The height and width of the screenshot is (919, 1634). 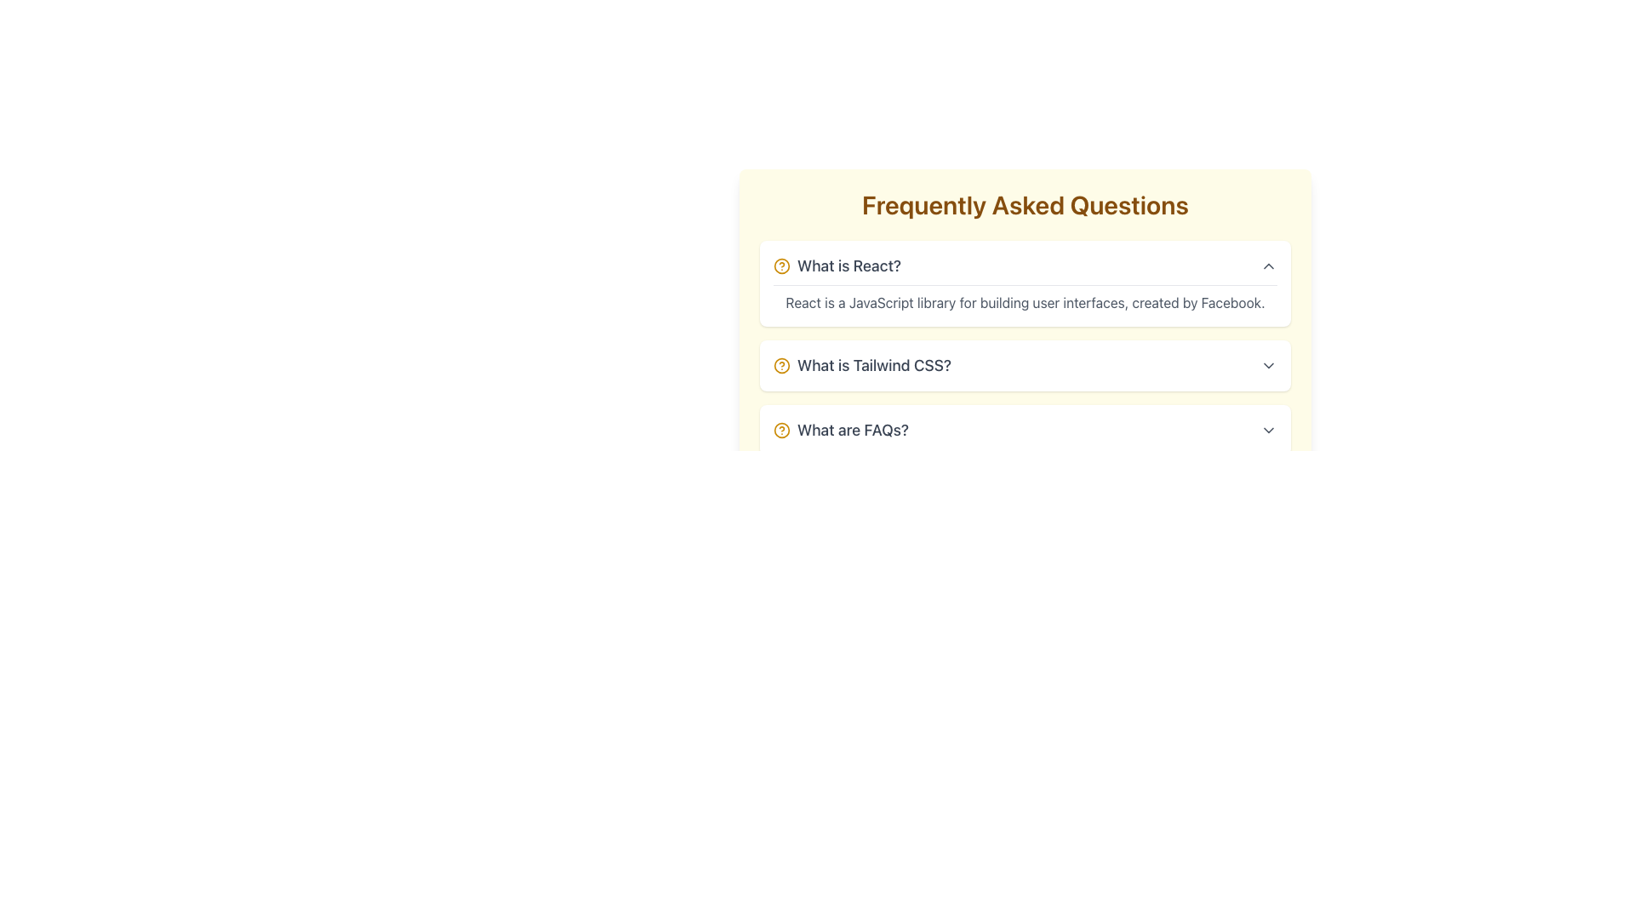 What do you see at coordinates (780, 364) in the screenshot?
I see `the help information icon located to the immediate left of the question 'What is Tailwind CSS?' in the second question block` at bounding box center [780, 364].